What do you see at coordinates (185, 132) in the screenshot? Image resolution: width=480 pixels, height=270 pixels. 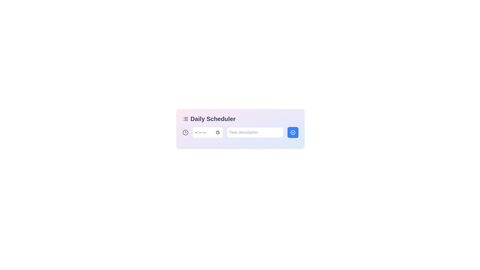 I see `the circular drawable element within the clock icon located in the leftmost part of the interactive card layout` at bounding box center [185, 132].